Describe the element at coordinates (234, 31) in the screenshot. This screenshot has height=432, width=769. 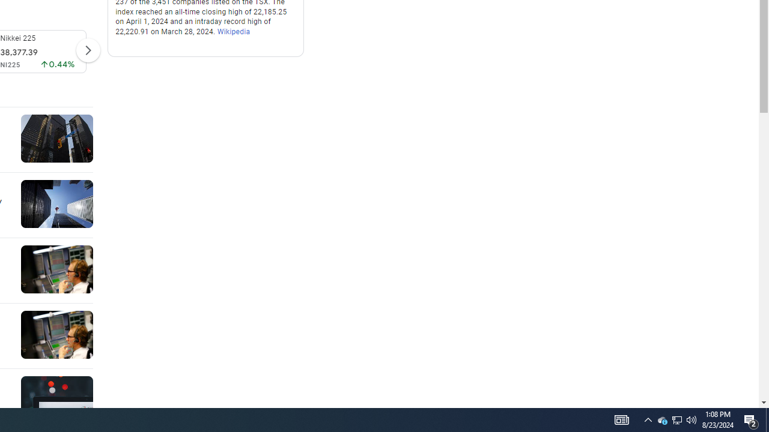
I see `'Wikipedia'` at that location.